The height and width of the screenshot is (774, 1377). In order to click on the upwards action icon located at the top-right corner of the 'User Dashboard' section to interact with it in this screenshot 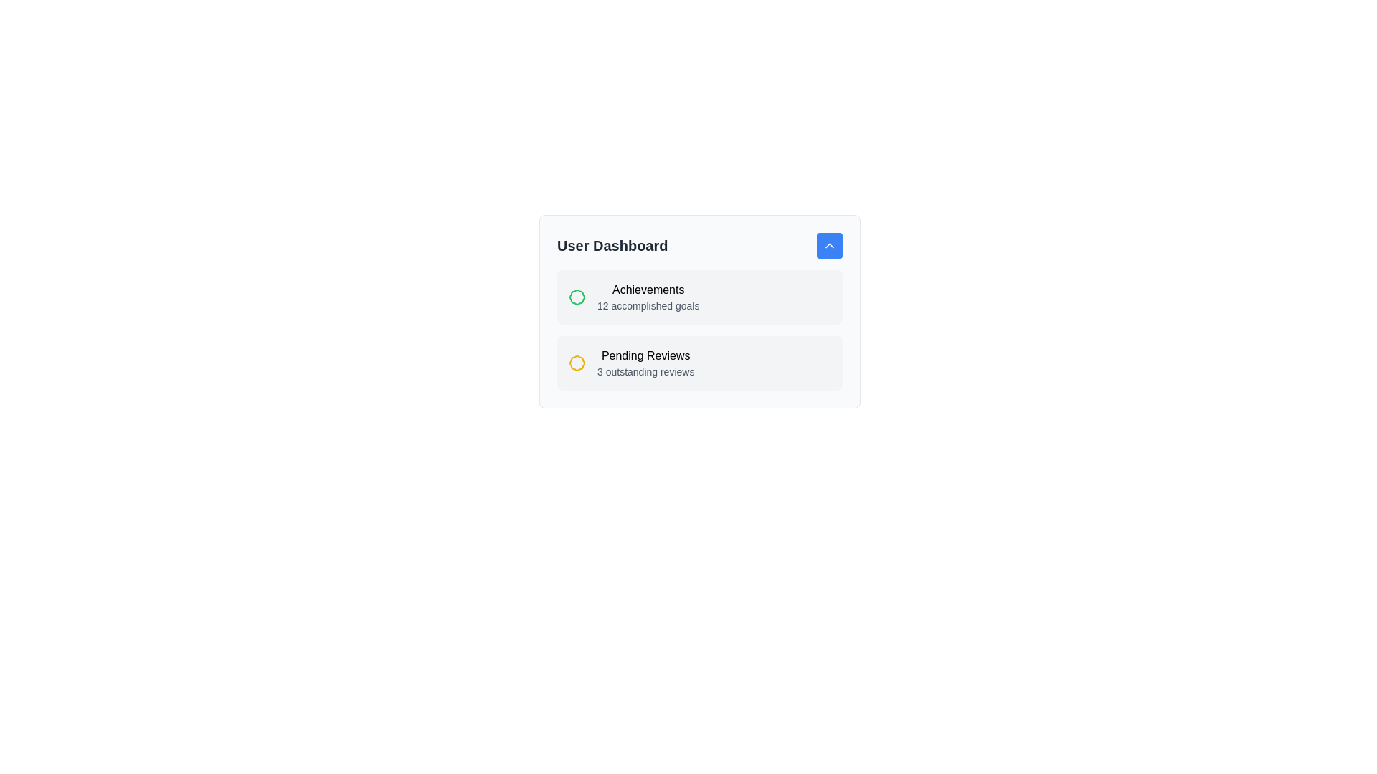, I will do `click(829, 245)`.